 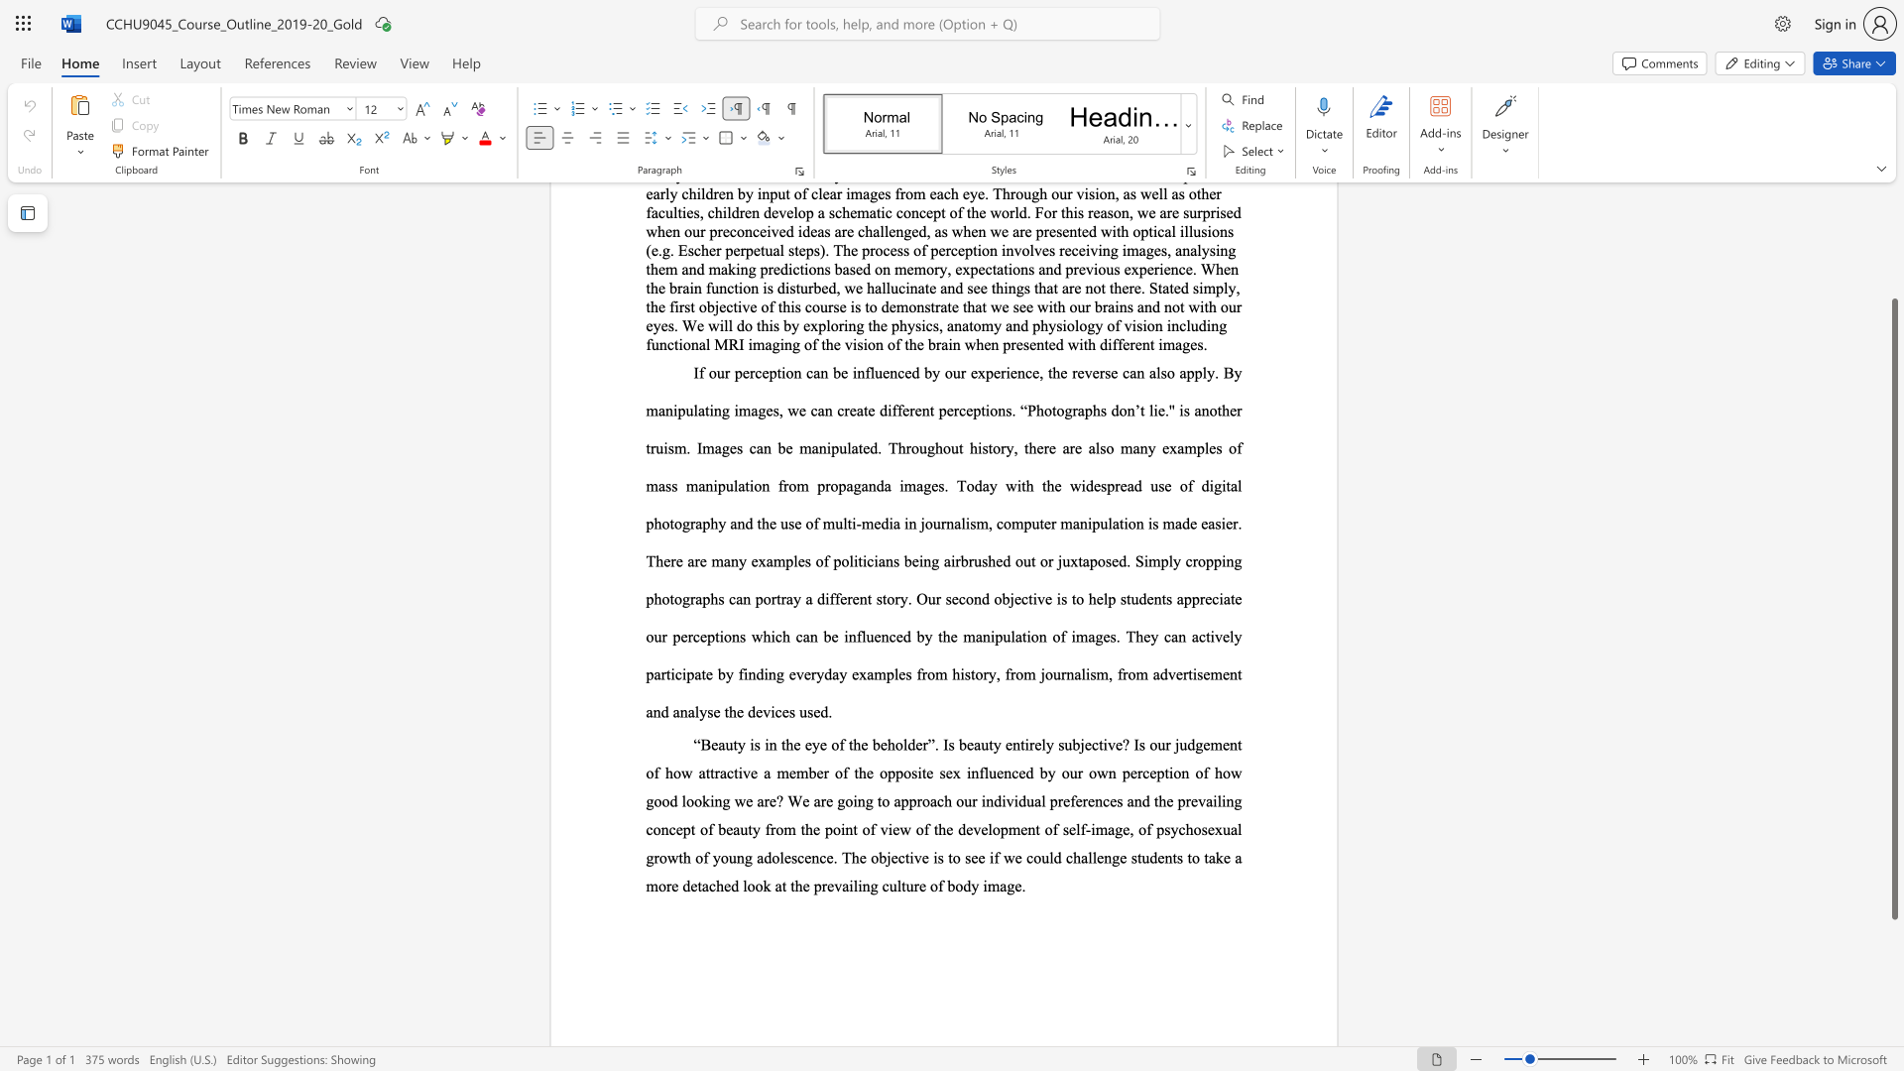 What do you see at coordinates (1893, 608) in the screenshot?
I see `the scrollbar and move up 100 pixels` at bounding box center [1893, 608].